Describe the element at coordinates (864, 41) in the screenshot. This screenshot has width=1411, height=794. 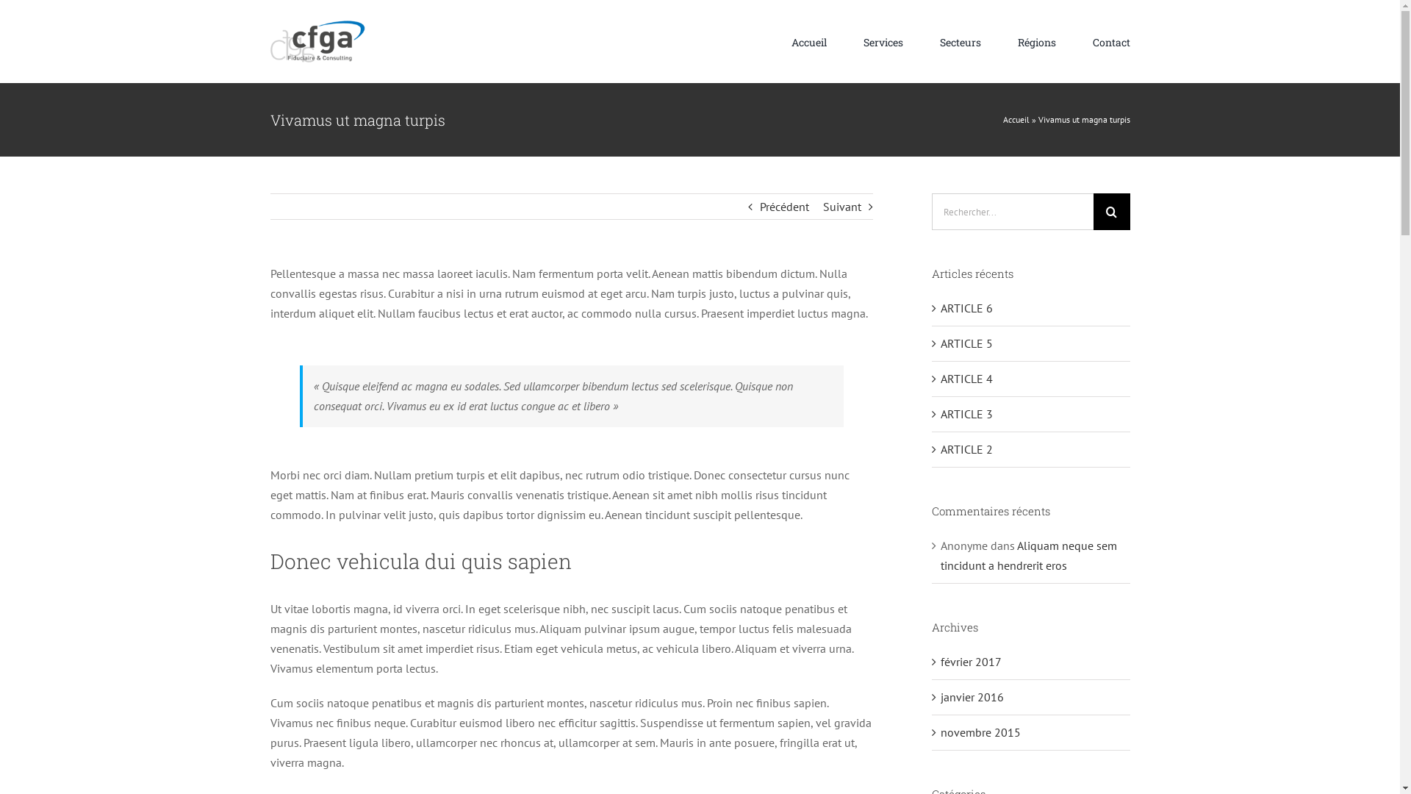
I see `'Services'` at that location.